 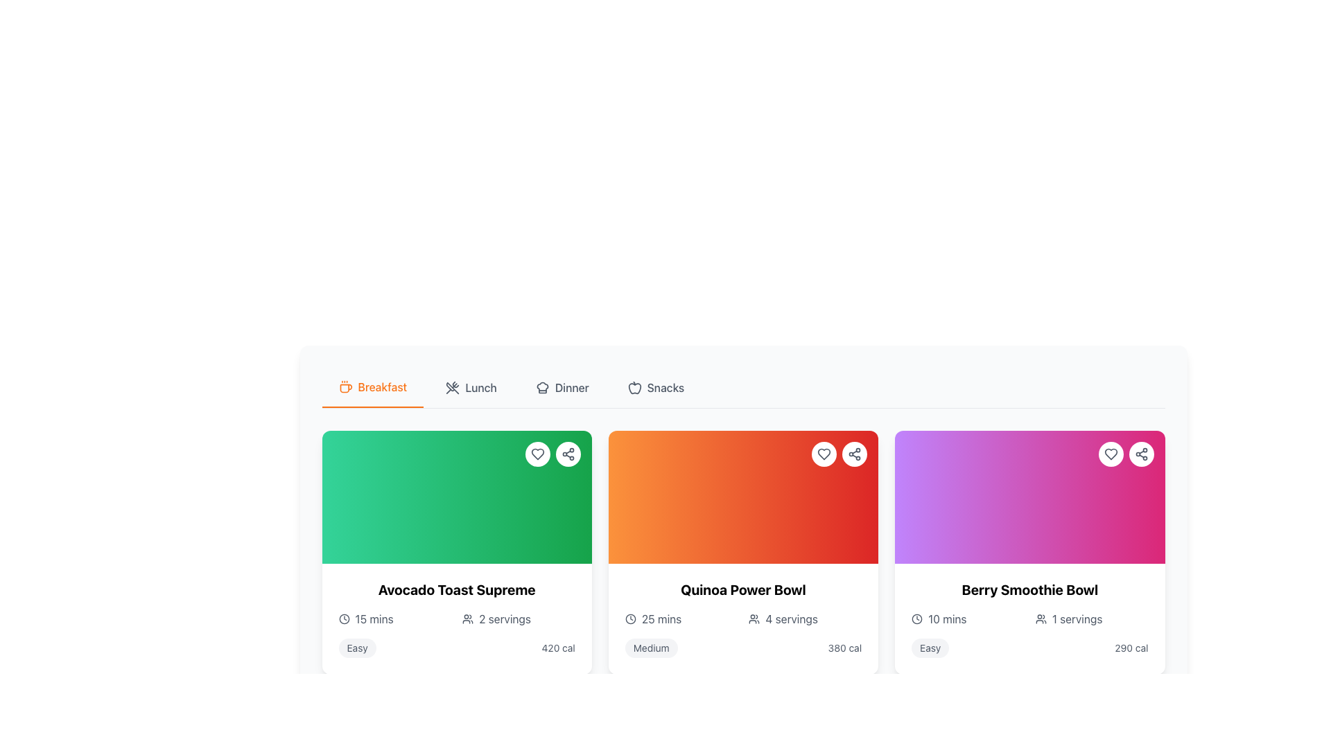 I want to click on the icon element resembling two user silhouettes, which indicates a group or person, located in the lower section of the card for the Berry Smoothie Bowl, so click(x=1041, y=618).